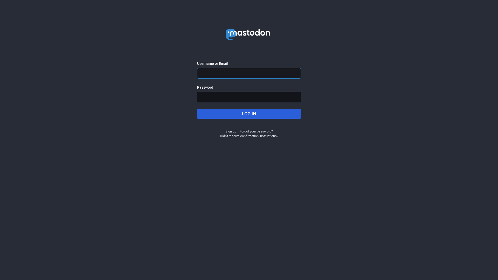  Describe the element at coordinates (230, 131) in the screenshot. I see `'Sign up'` at that location.